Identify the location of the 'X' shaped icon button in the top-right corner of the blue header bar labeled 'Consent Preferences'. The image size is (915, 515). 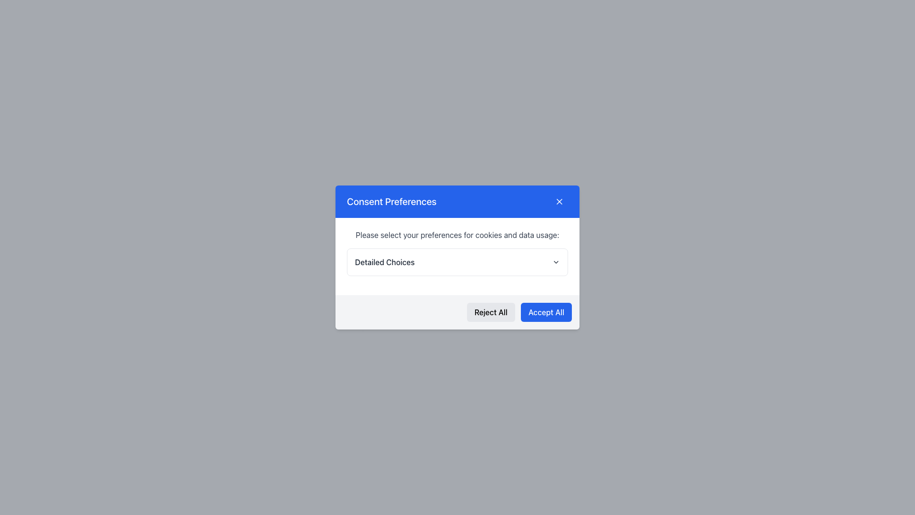
(559, 201).